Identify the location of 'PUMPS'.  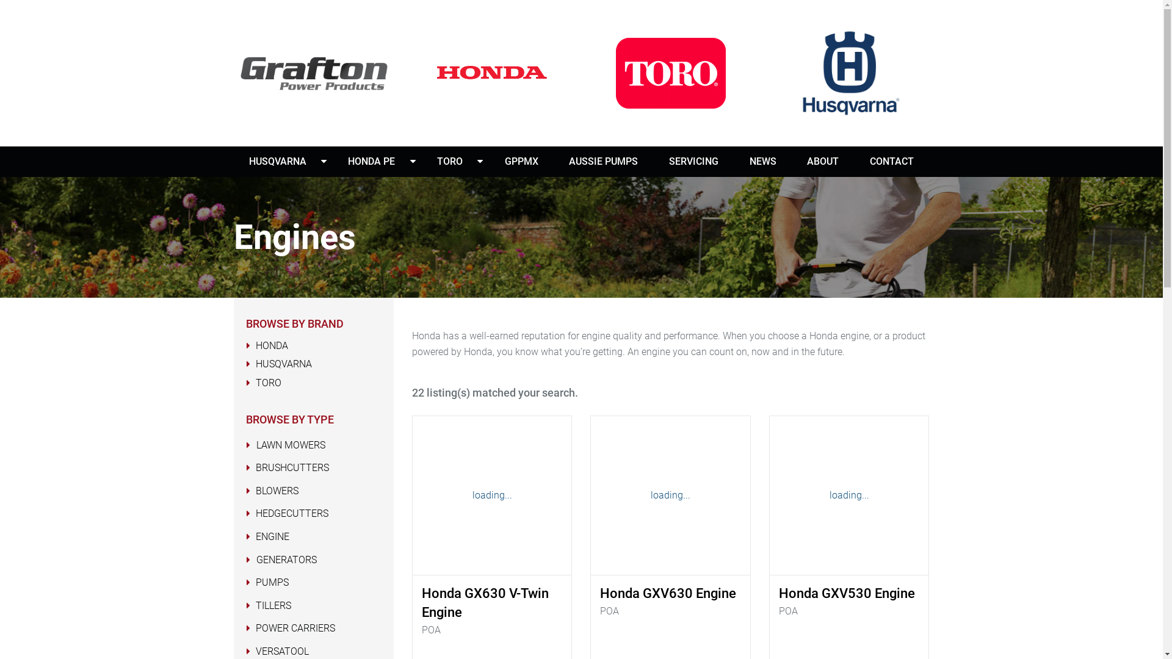
(271, 582).